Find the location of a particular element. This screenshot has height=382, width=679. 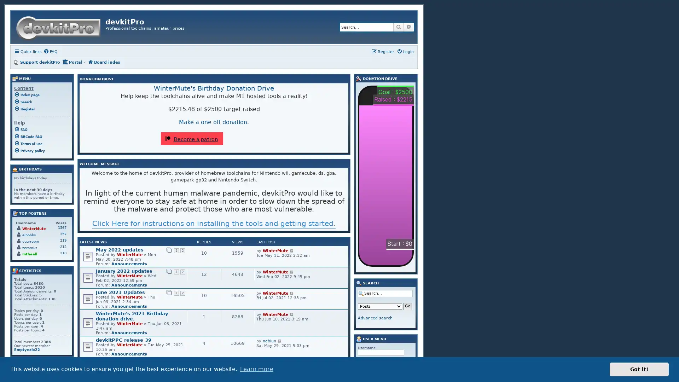

learn more about cookies is located at coordinates (256, 369).